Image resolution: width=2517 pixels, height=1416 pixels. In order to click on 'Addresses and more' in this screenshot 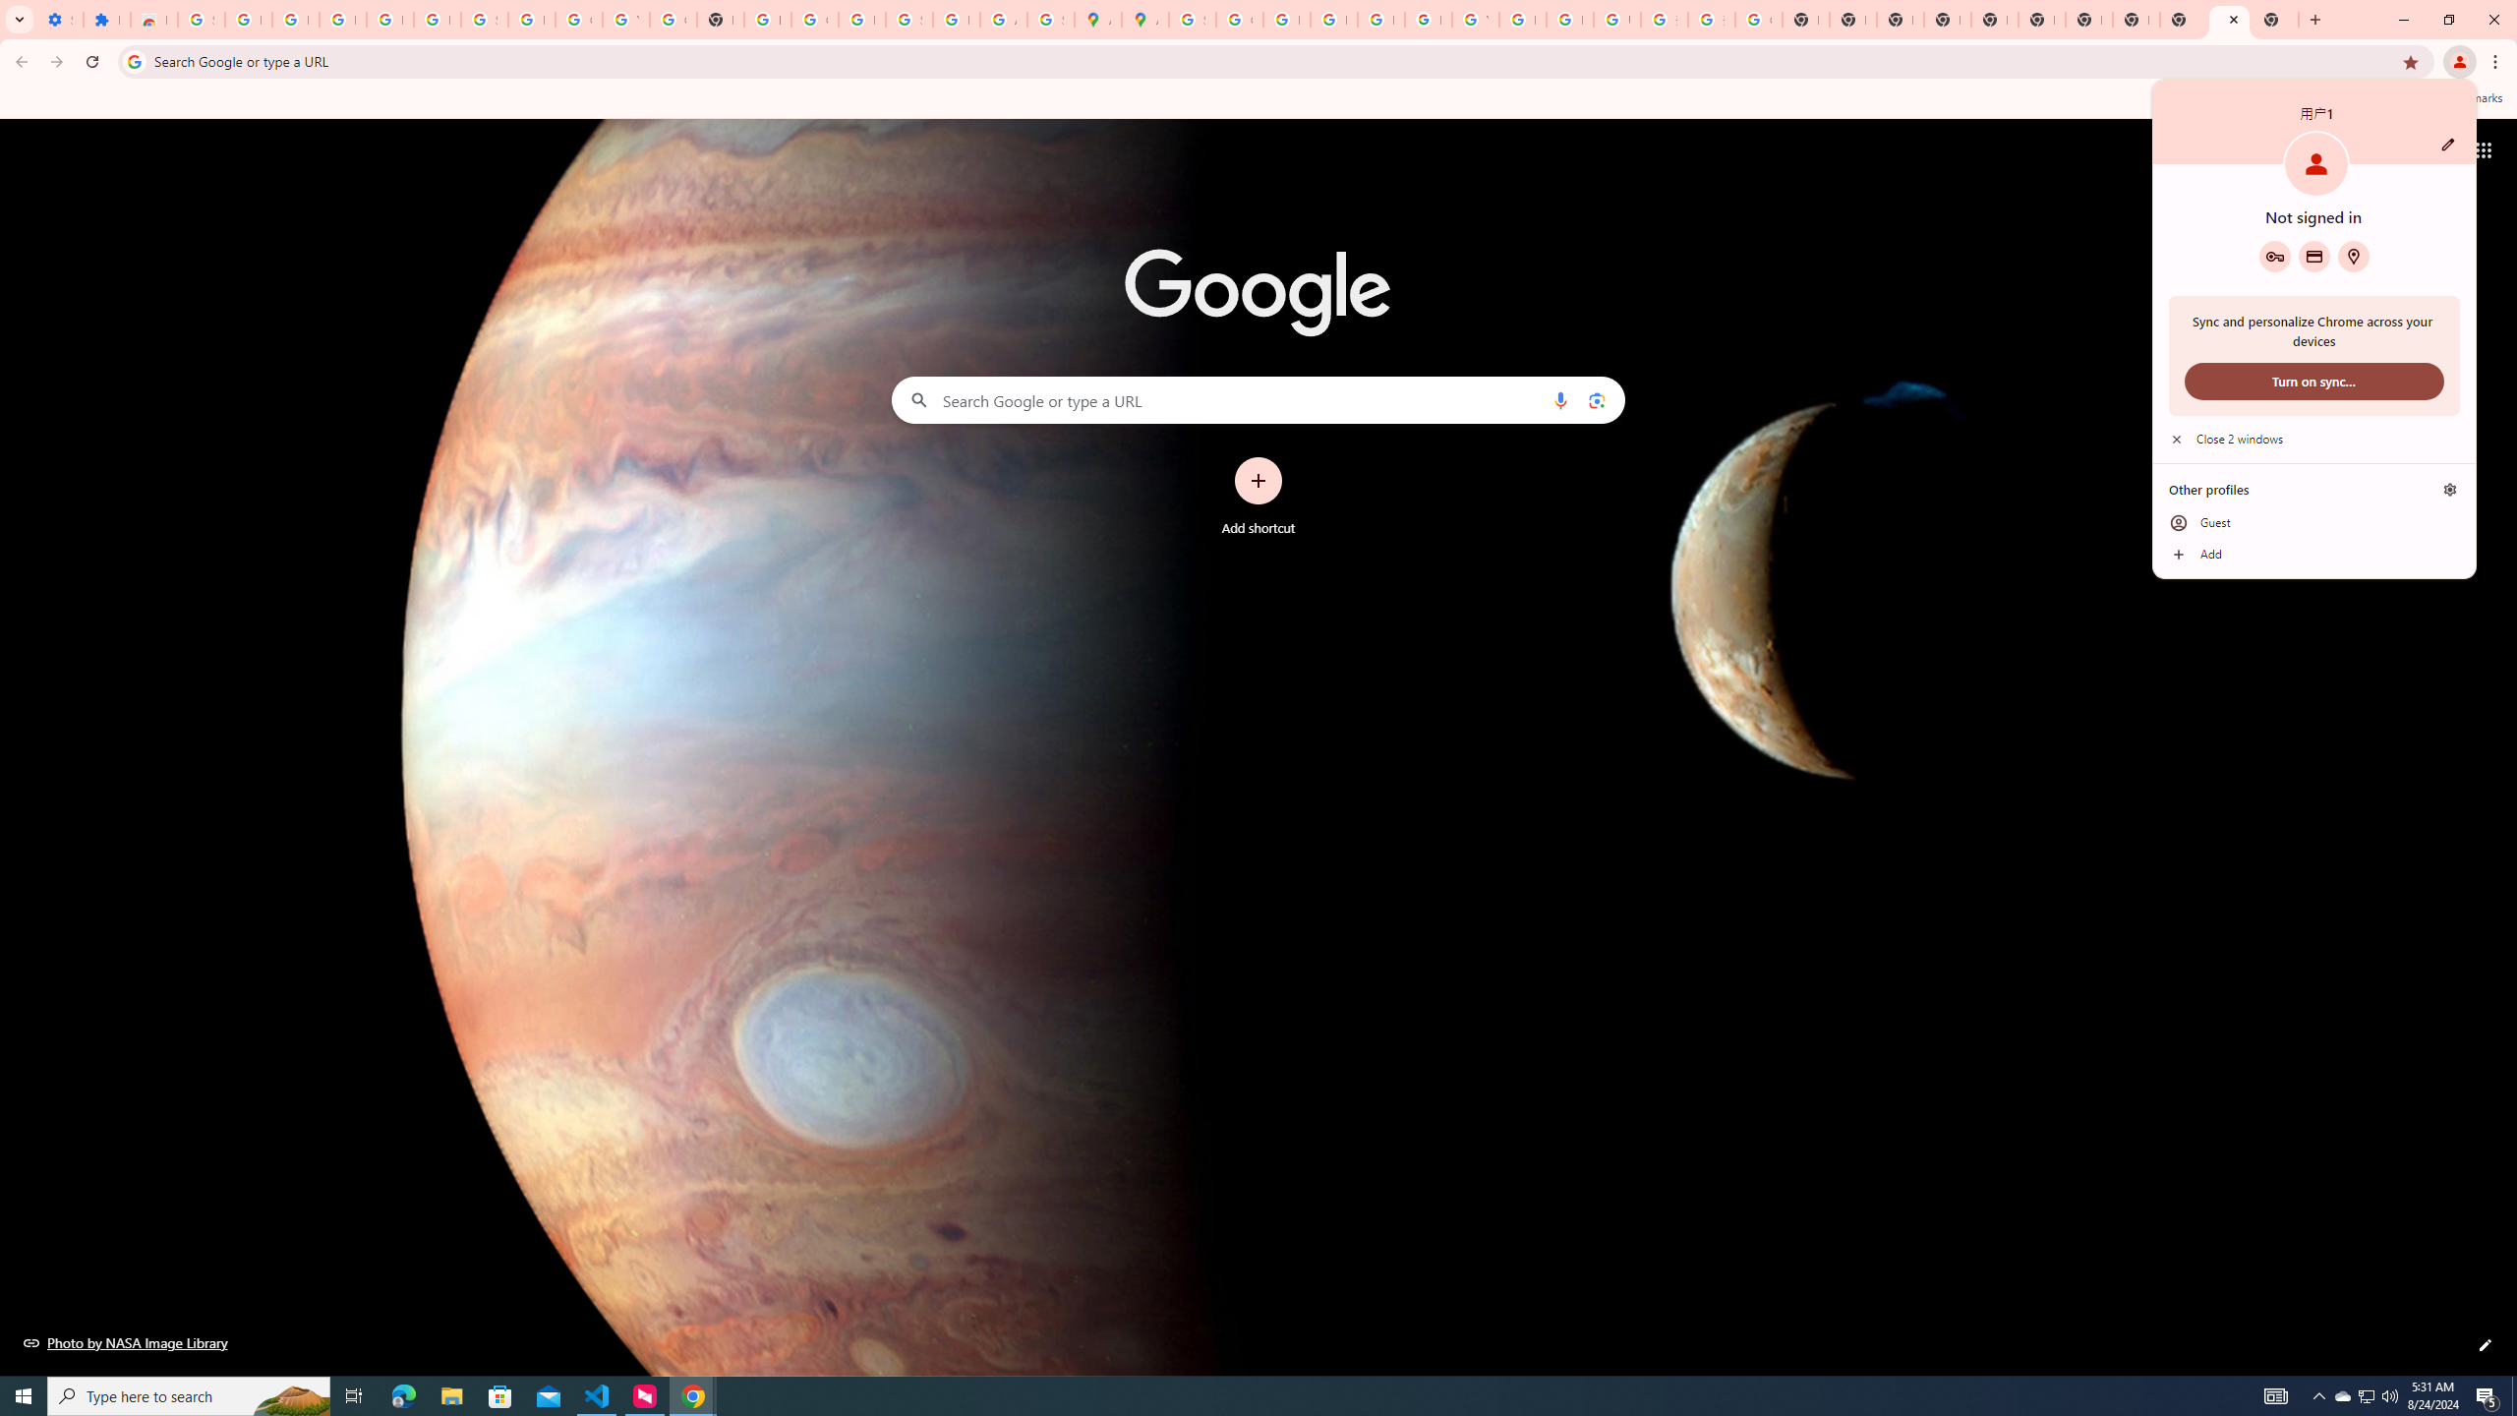, I will do `click(2352, 256)`.